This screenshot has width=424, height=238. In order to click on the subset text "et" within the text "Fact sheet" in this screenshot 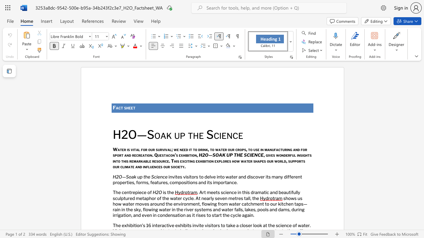, I will do `click(131, 107)`.